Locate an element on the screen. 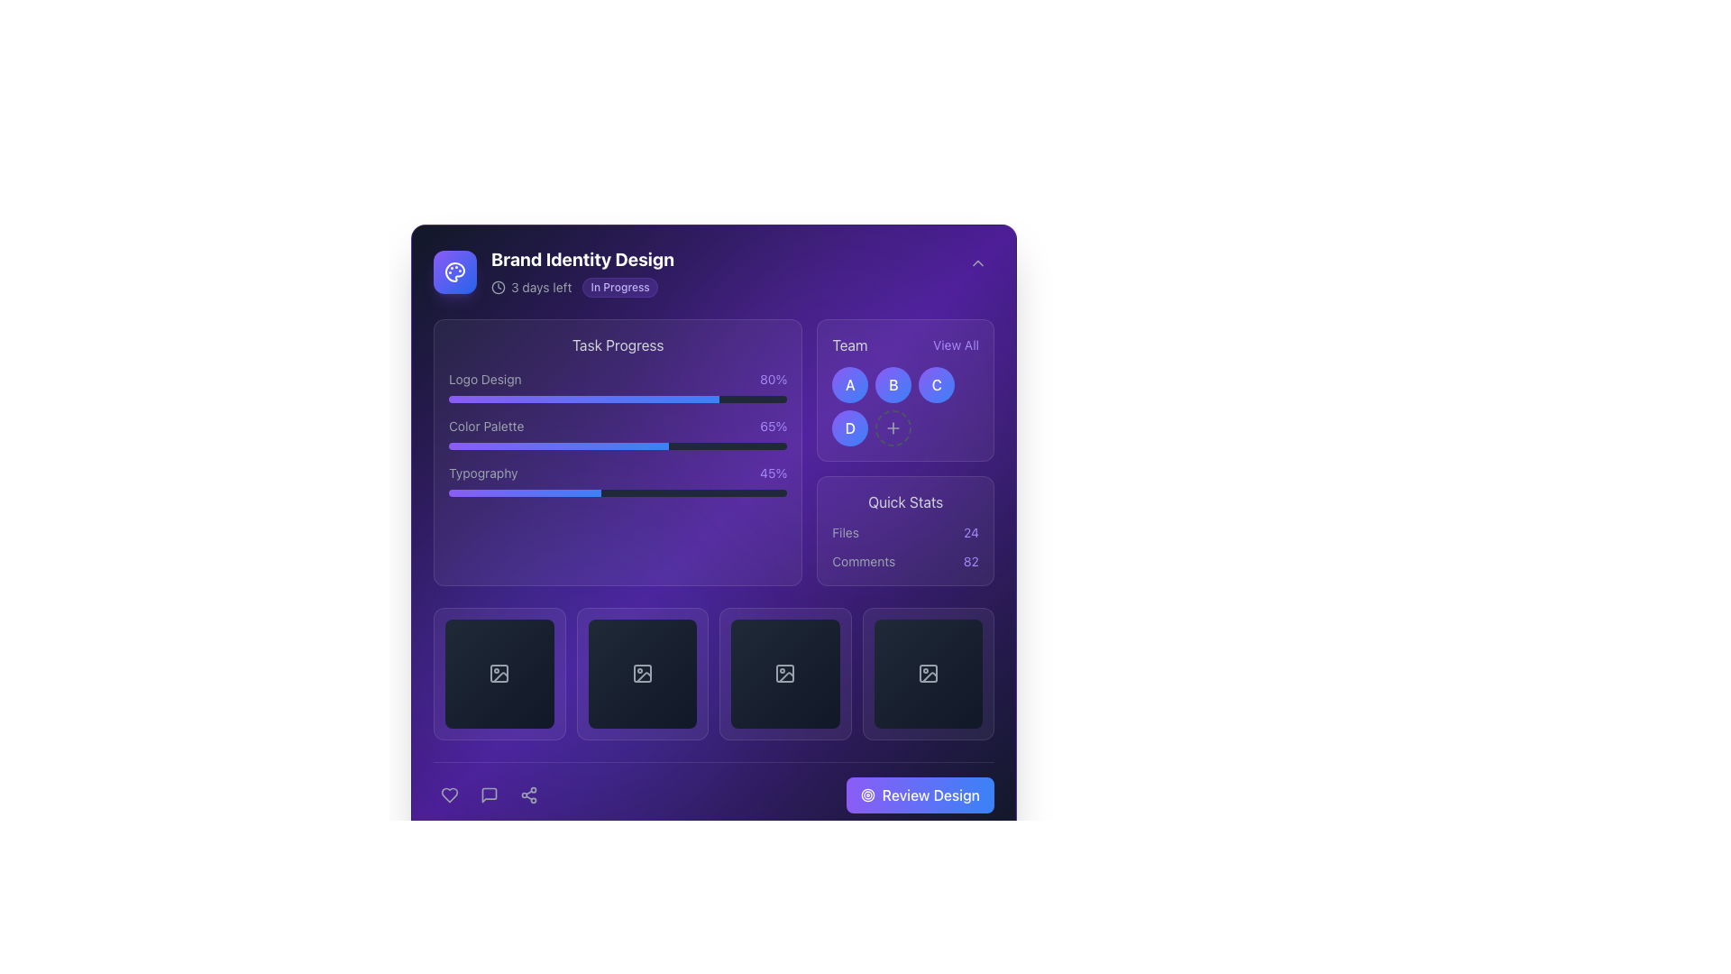 Image resolution: width=1731 pixels, height=974 pixels. the SVG rectangle element styled as an image placeholder located in the top-left square of the grid below the 'Task Progress' section is located at coordinates (499, 674).